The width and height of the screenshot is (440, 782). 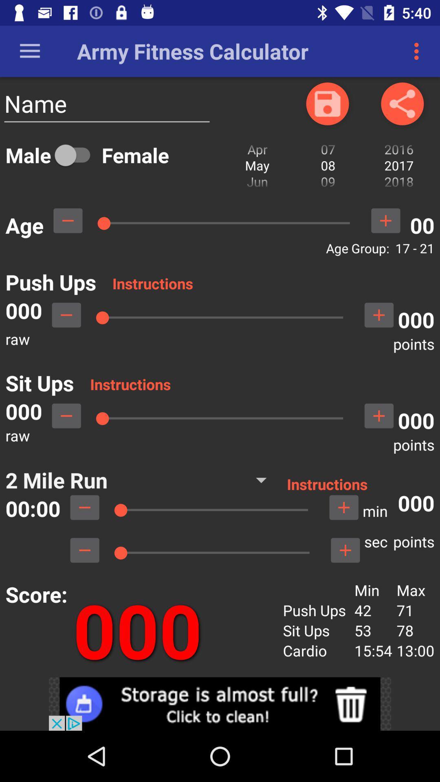 What do you see at coordinates (385, 220) in the screenshot?
I see `increase` at bounding box center [385, 220].